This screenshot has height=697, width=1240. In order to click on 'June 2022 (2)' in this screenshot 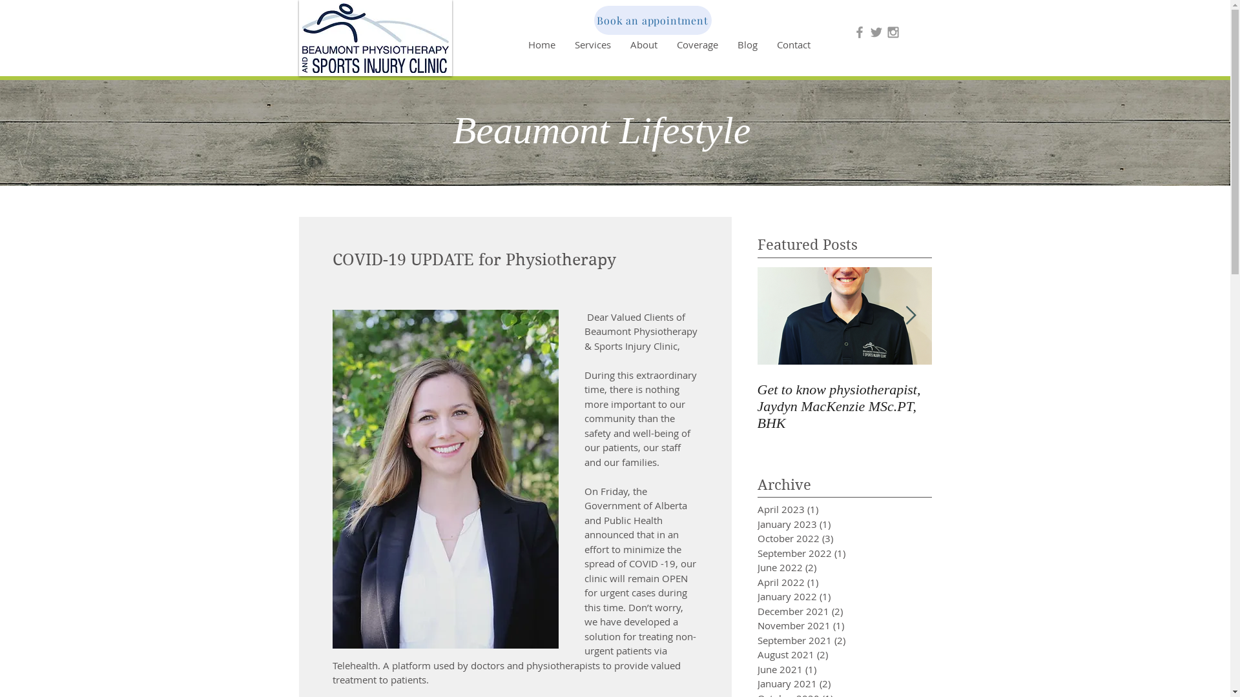, I will do `click(823, 567)`.